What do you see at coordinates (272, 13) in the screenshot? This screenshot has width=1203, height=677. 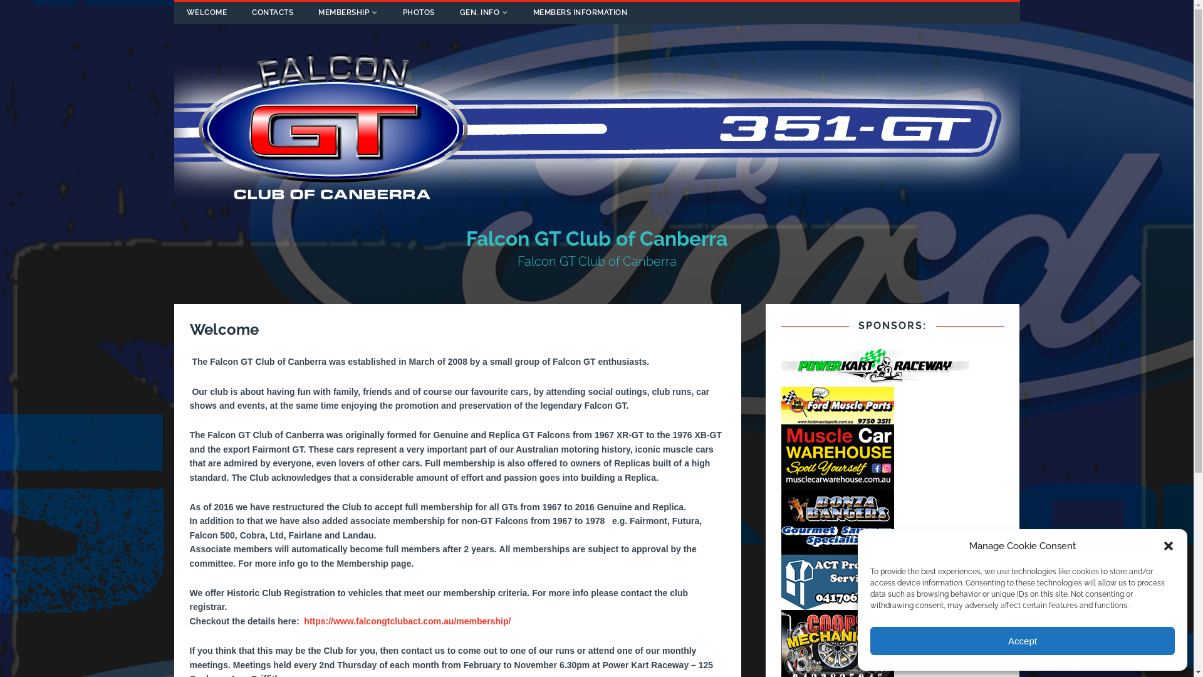 I see `'CONTACTS'` at bounding box center [272, 13].